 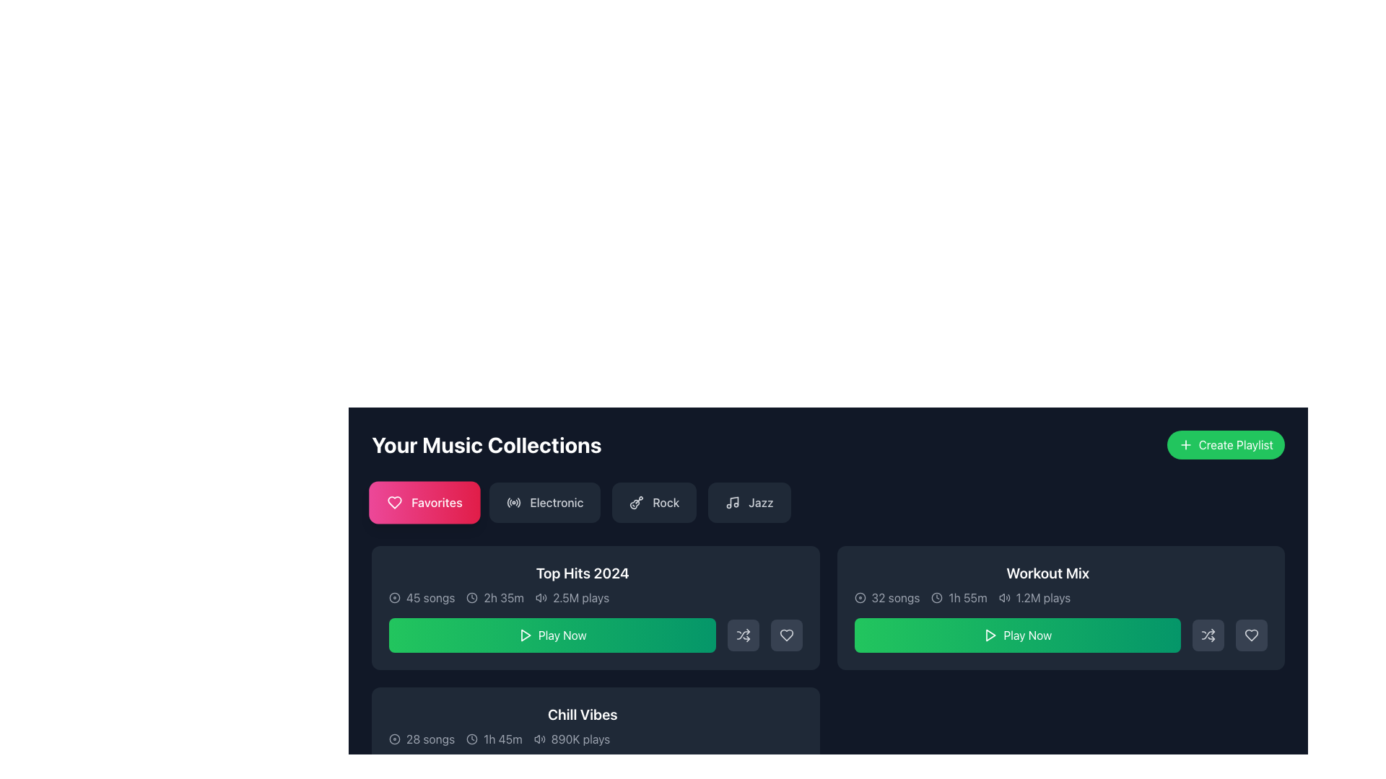 I want to click on the 'Create New Playlist' button located at the top-right corner of the 'Your Music Collections' section, so click(x=1225, y=444).